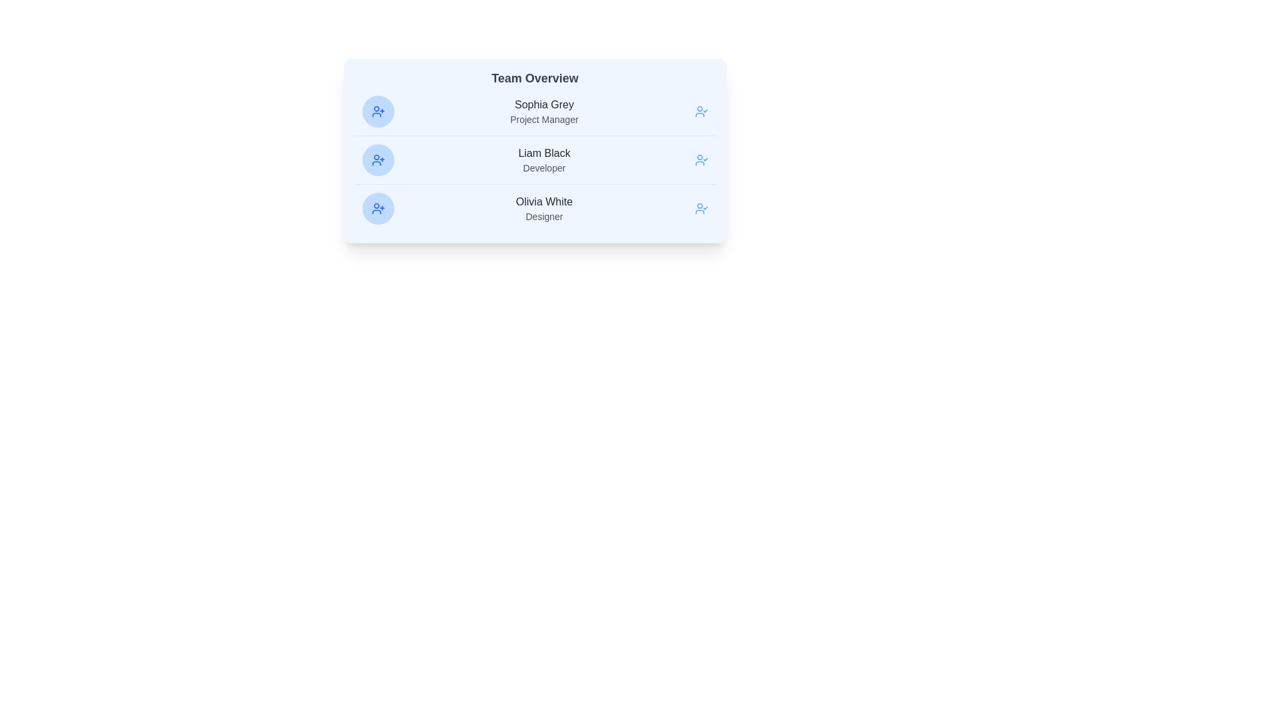  I want to click on the static text label displaying 'Liam Black', which is centrally aligned in the team overview section and positioned above the text 'Developer', so click(544, 153).